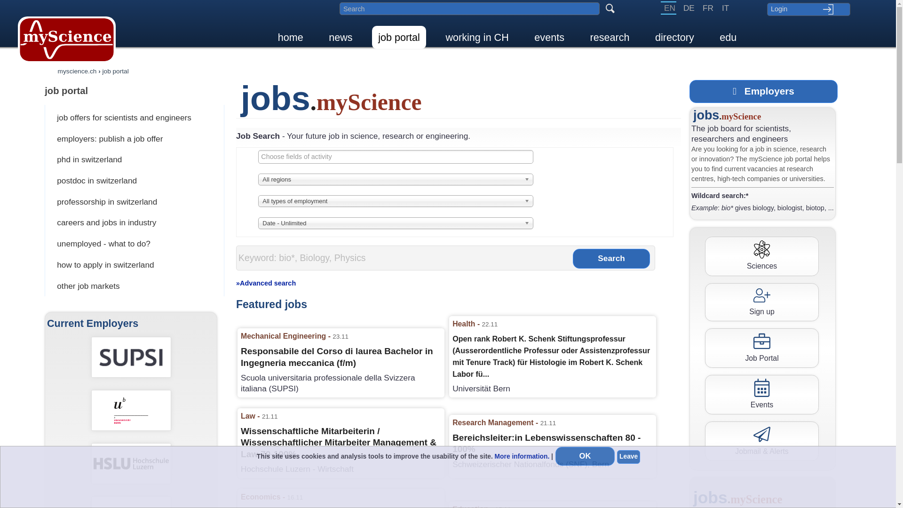 Image resolution: width=903 pixels, height=508 pixels. What do you see at coordinates (668, 8) in the screenshot?
I see `'EN'` at bounding box center [668, 8].